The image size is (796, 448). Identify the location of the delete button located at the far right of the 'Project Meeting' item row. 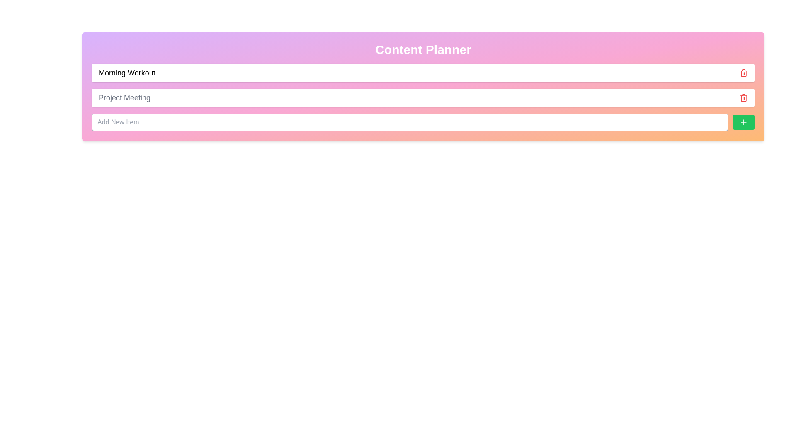
(744, 97).